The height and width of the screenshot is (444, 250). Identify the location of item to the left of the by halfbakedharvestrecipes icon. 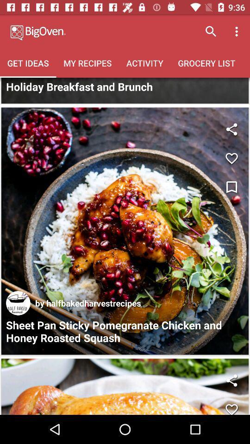
(18, 302).